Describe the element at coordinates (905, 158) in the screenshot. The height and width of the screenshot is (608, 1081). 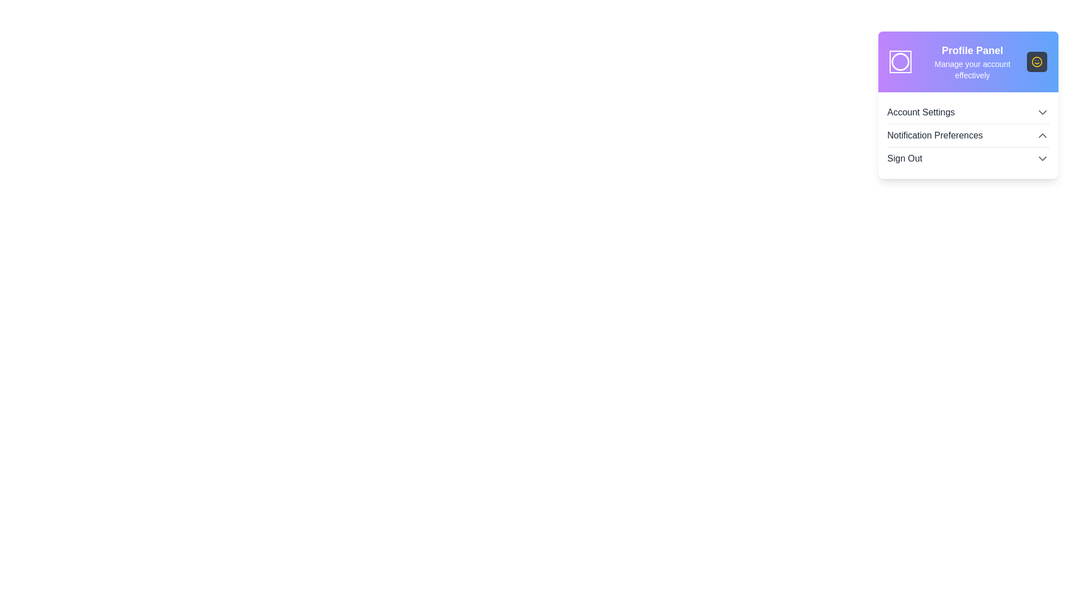
I see `the 'Sign Out' text link located at the bottom of the dropdown menu in the profile panel to initiate sign-out` at that location.